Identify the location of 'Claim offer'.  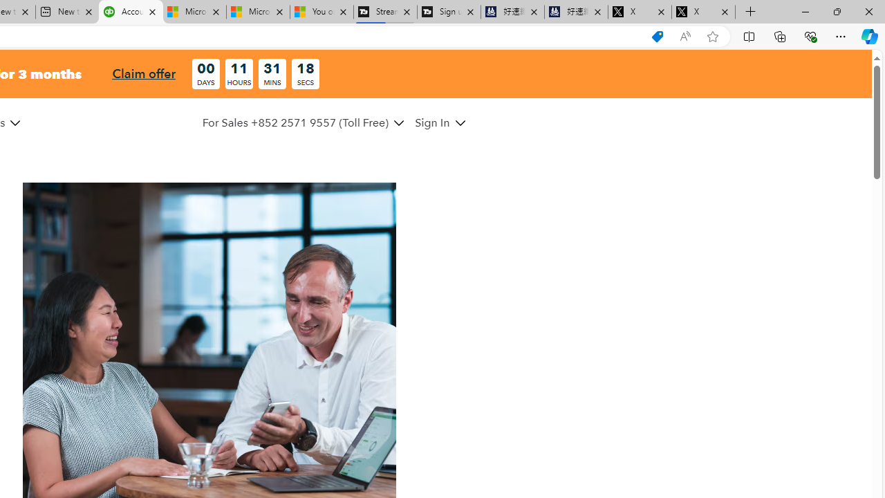
(144, 73).